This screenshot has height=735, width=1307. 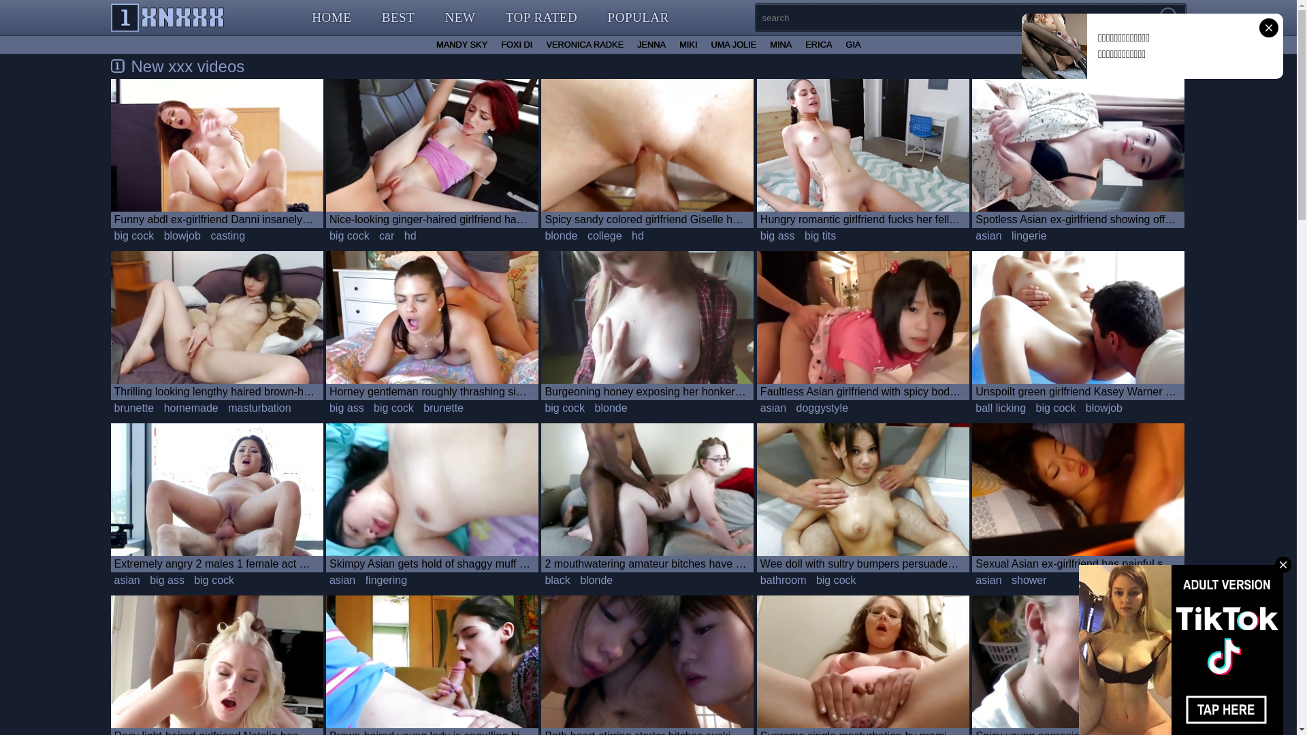 I want to click on 'TOP RATED', so click(x=540, y=18).